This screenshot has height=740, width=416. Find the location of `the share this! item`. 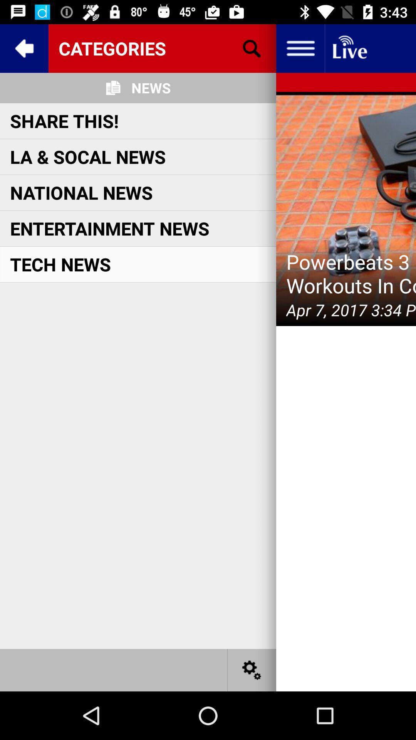

the share this! item is located at coordinates (64, 120).